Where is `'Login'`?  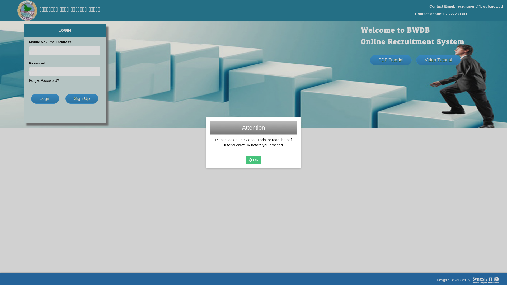 'Login' is located at coordinates (45, 99).